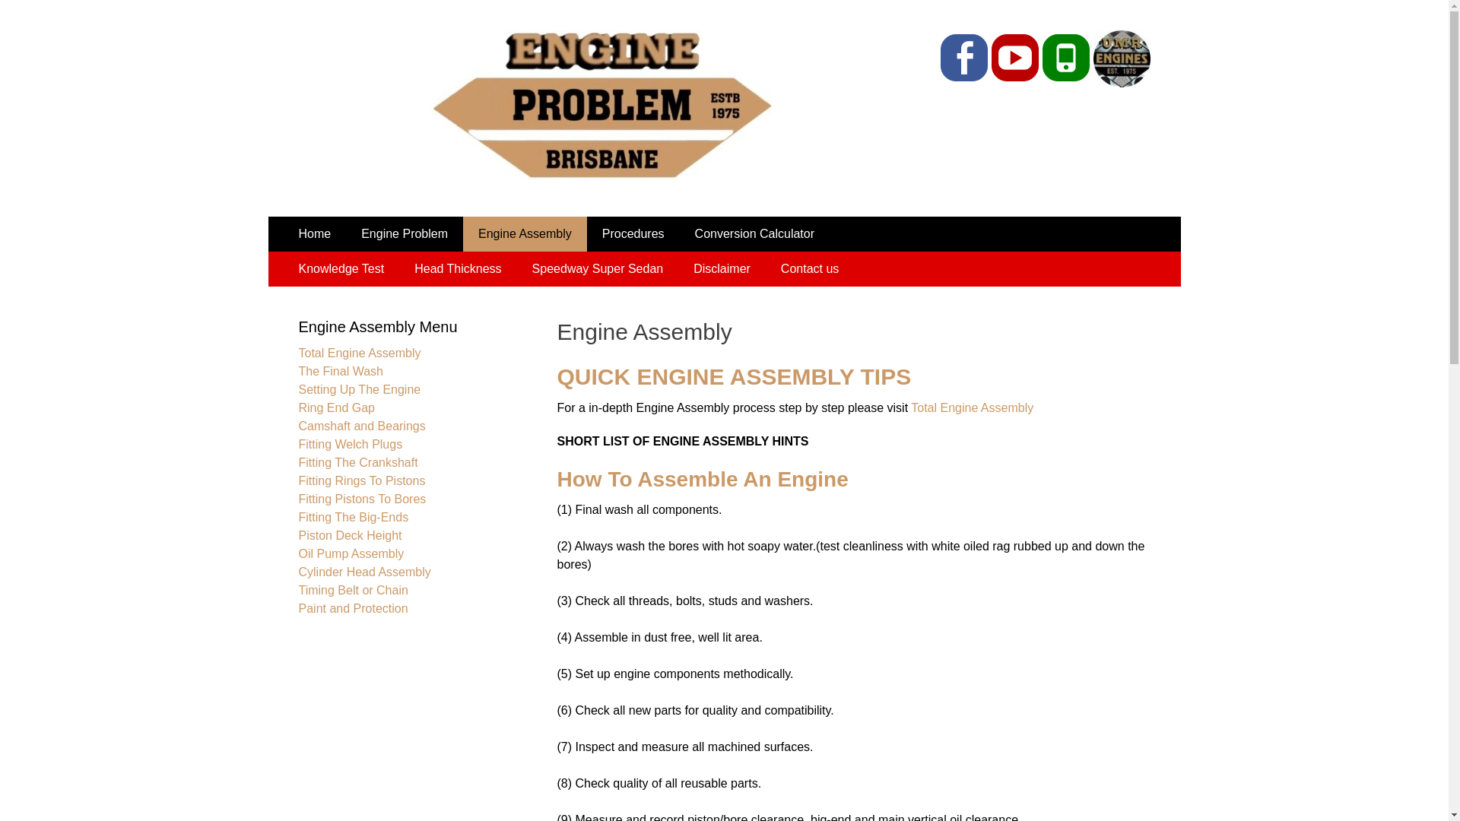  What do you see at coordinates (1089, 83) in the screenshot?
I see `'UMR Engines'` at bounding box center [1089, 83].